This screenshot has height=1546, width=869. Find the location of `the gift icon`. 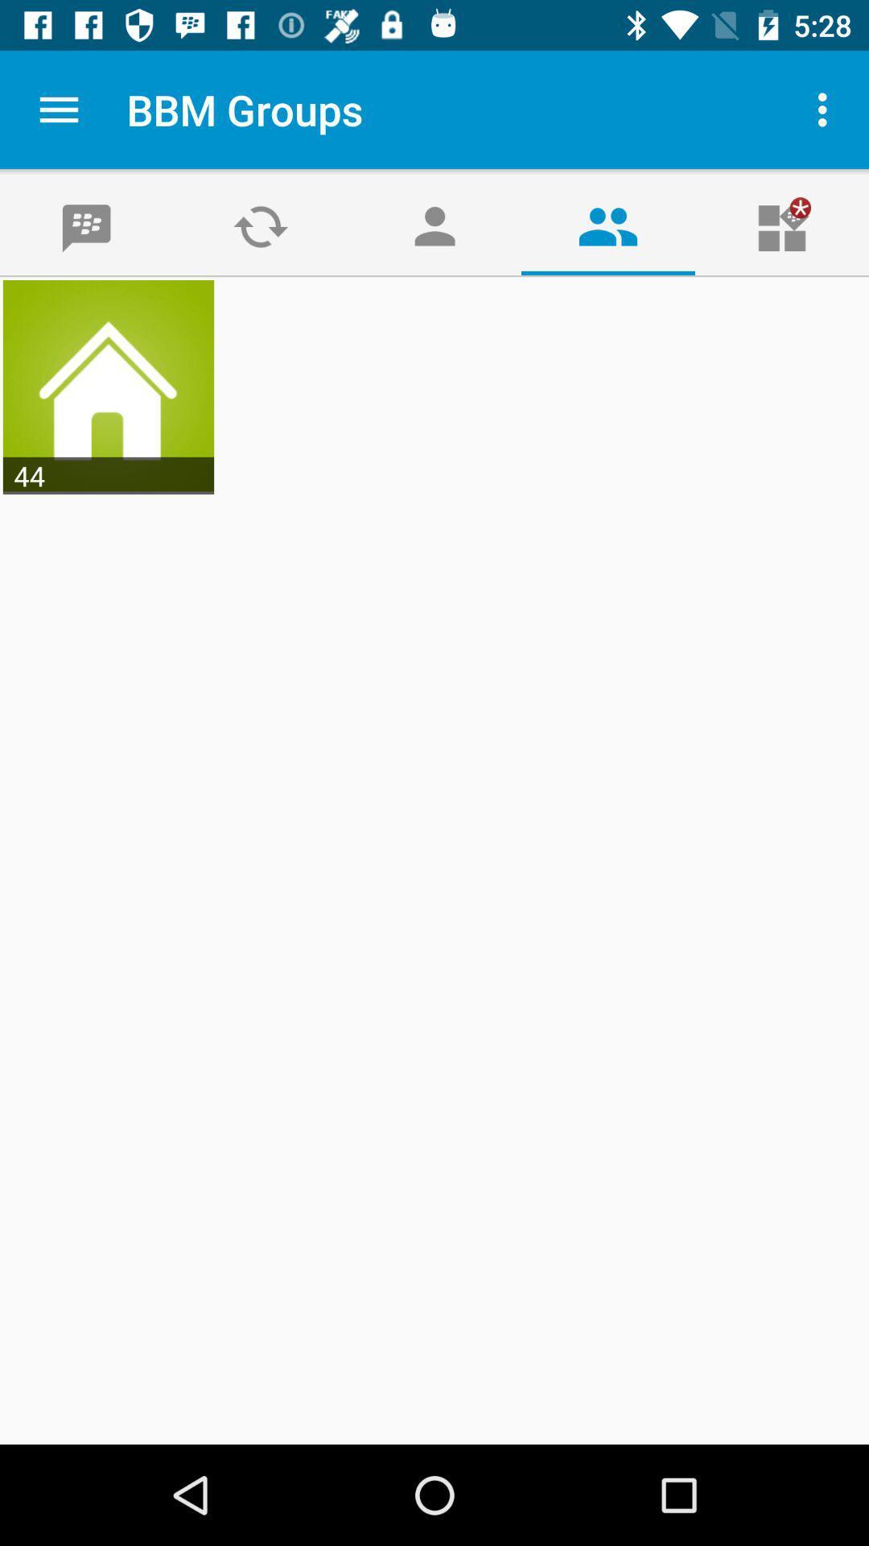

the gift icon is located at coordinates (781, 225).